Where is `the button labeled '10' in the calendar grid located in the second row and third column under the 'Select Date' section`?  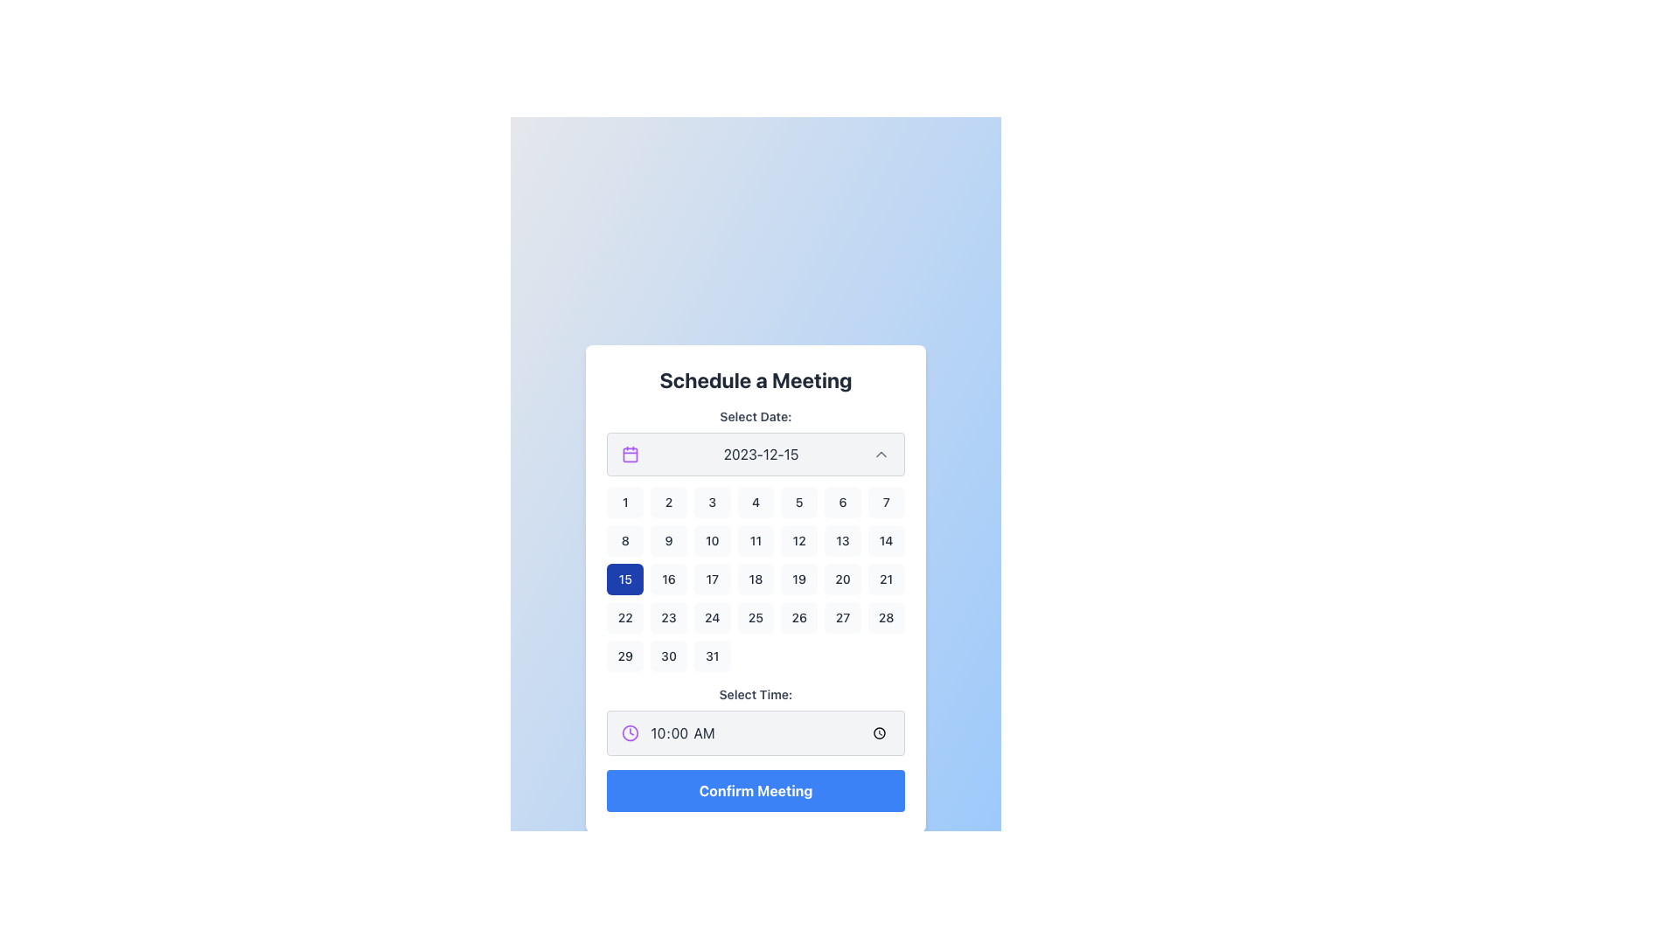
the button labeled '10' in the calendar grid located in the second row and third column under the 'Select Date' section is located at coordinates (712, 539).